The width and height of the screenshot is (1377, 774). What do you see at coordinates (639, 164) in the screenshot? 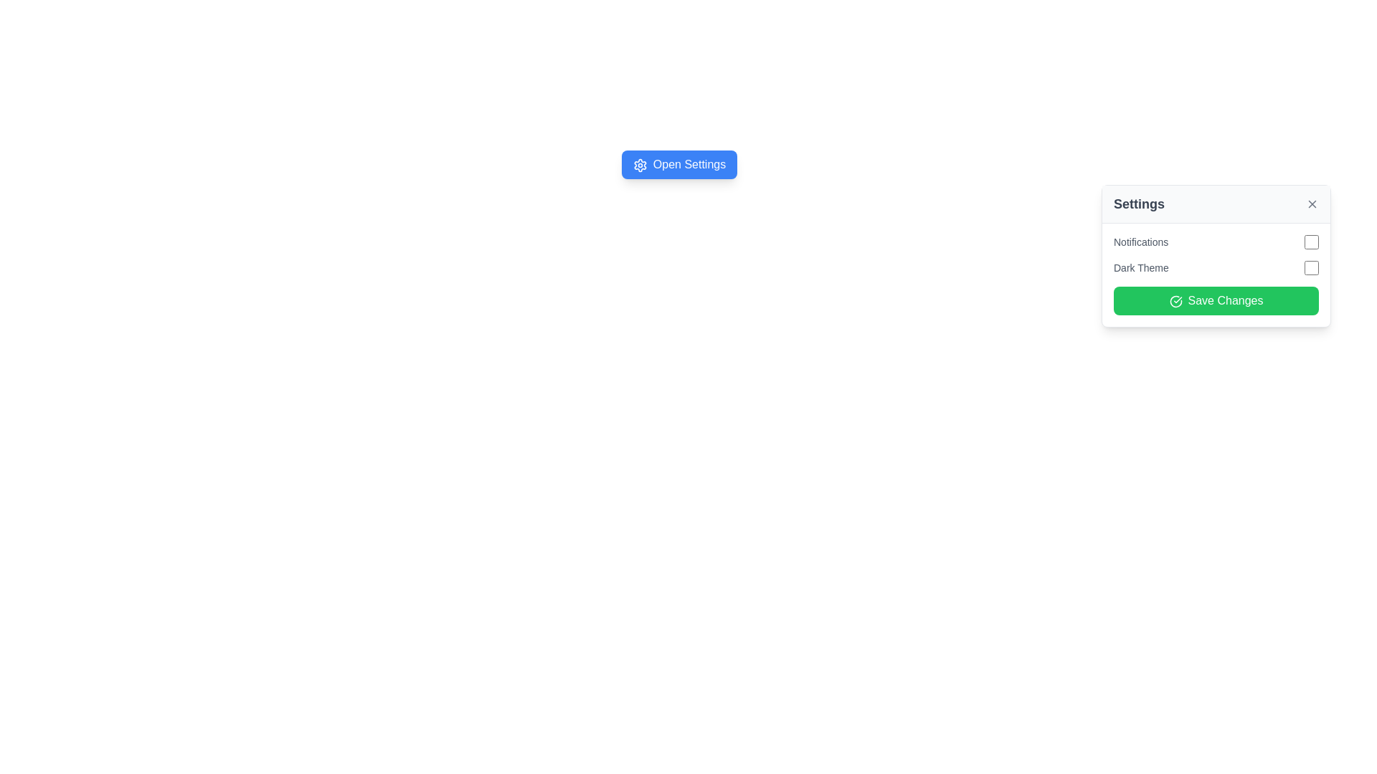
I see `the settings icon located to the left of the 'Open Settings' text within the button labeled 'Open Settings'` at bounding box center [639, 164].